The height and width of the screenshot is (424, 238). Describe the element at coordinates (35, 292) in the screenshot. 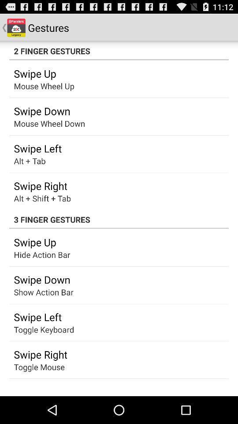

I see `the item above swipe left app` at that location.